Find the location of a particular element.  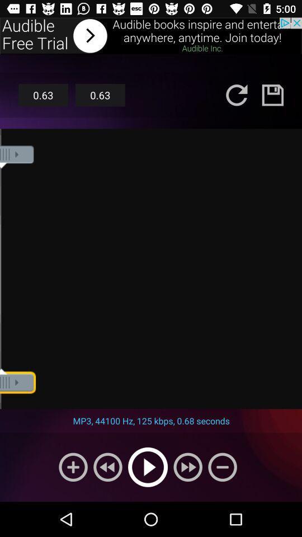

the av_forward icon is located at coordinates (188, 467).